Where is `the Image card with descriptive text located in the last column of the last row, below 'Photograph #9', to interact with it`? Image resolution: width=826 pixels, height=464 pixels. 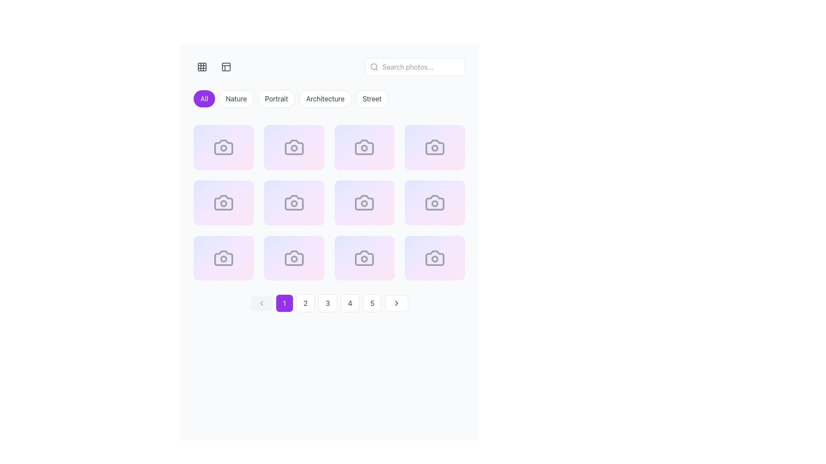 the Image card with descriptive text located in the last column of the last row, below 'Photograph #9', to interact with it is located at coordinates (294, 258).